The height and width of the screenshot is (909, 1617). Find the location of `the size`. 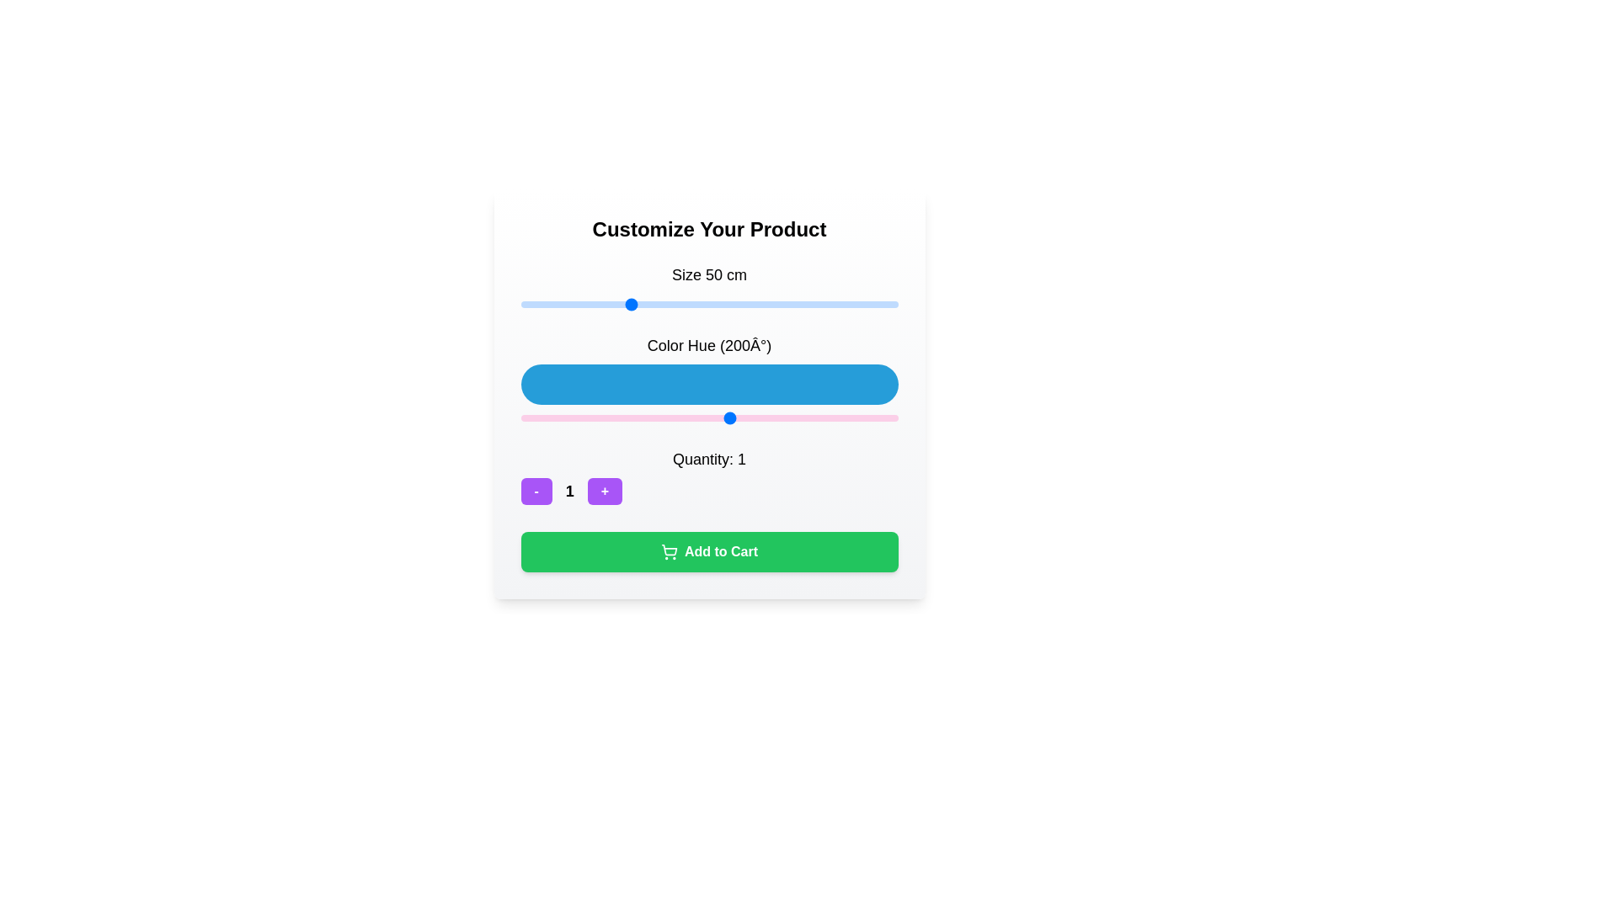

the size is located at coordinates (736, 305).